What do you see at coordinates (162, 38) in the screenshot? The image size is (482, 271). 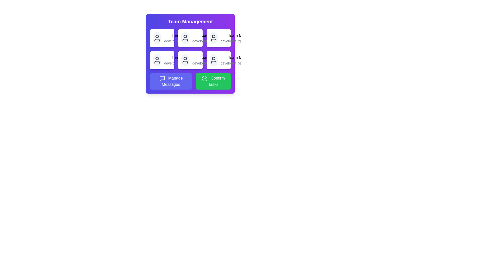 I see `the Information card that contains the user silhouette icon on the left and text detailing 'Team Member 1' and 'developer_0@example.com' on the right, located in the top-left section of the grid` at bounding box center [162, 38].